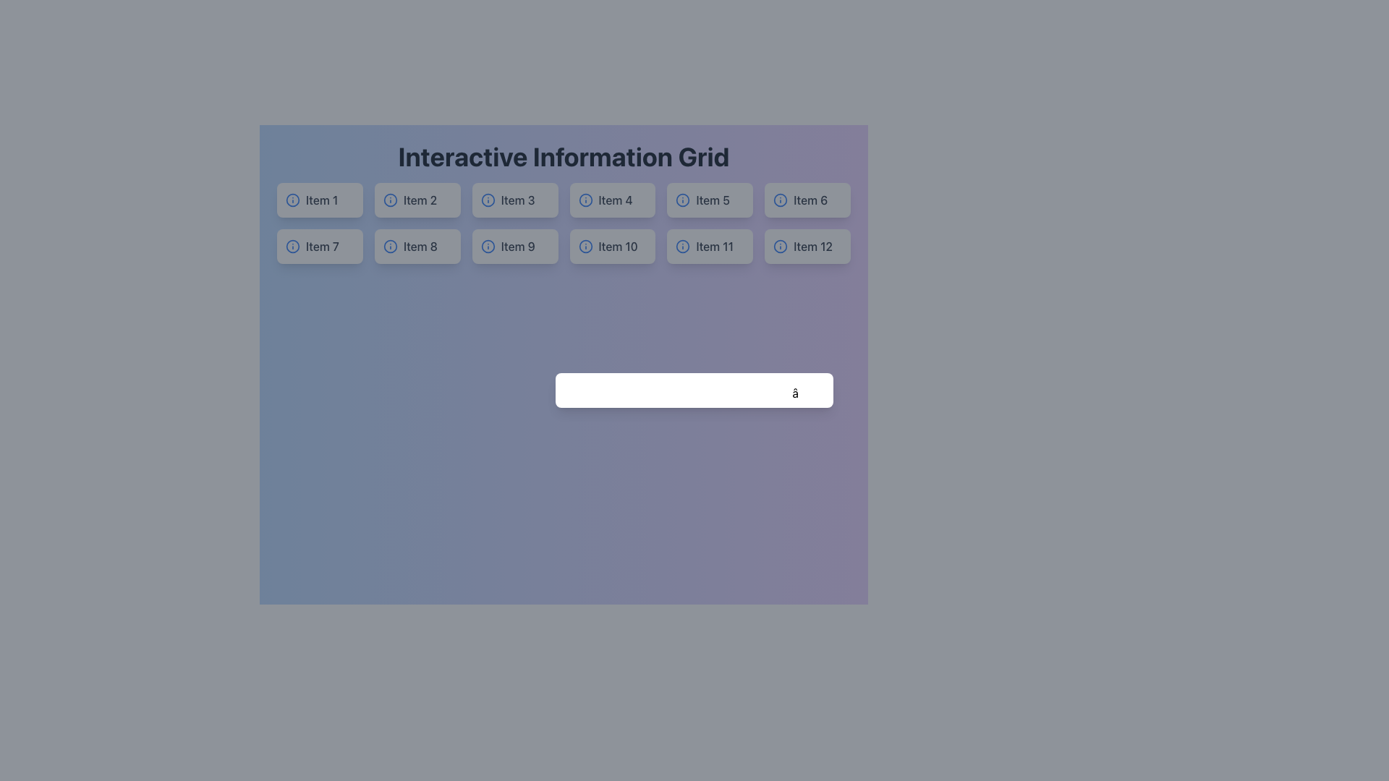  Describe the element at coordinates (390, 200) in the screenshot. I see `the informational icon related to 'Item 2', located in the top row of the interface grid, positioned between 'Item 1' and 'Item 3'` at that location.